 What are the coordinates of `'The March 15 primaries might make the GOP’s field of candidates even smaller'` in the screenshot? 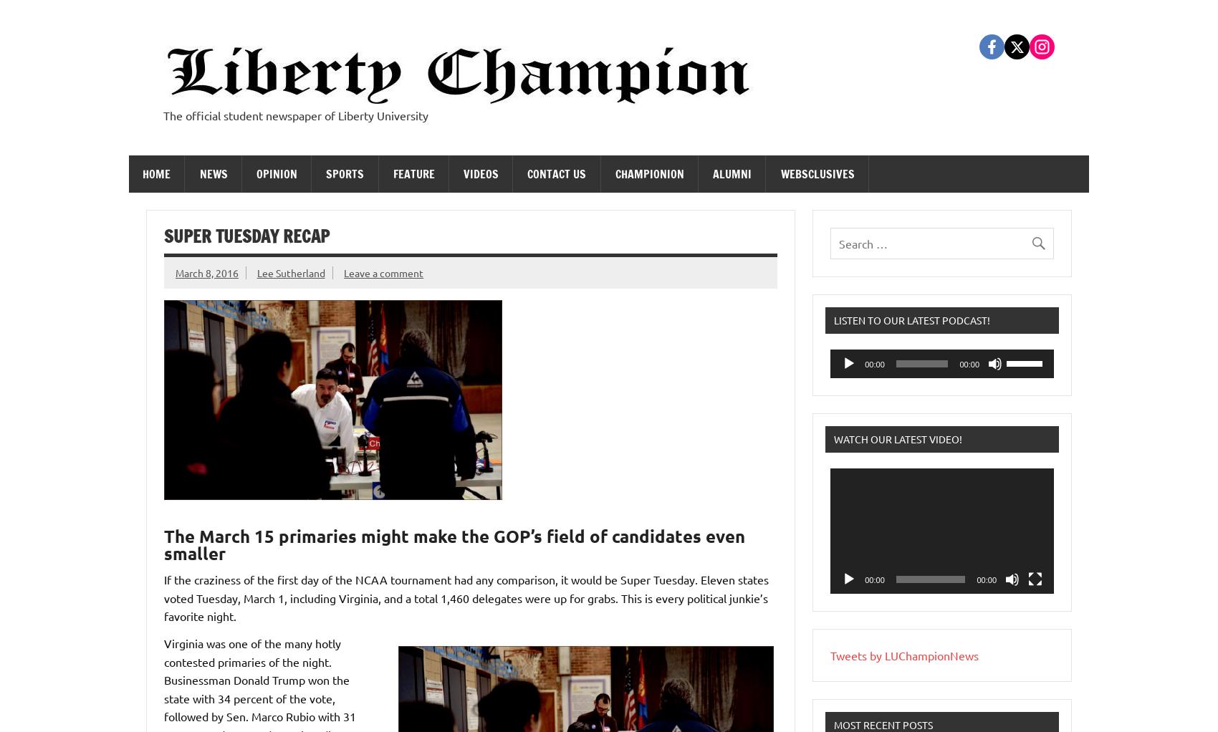 It's located at (163, 544).